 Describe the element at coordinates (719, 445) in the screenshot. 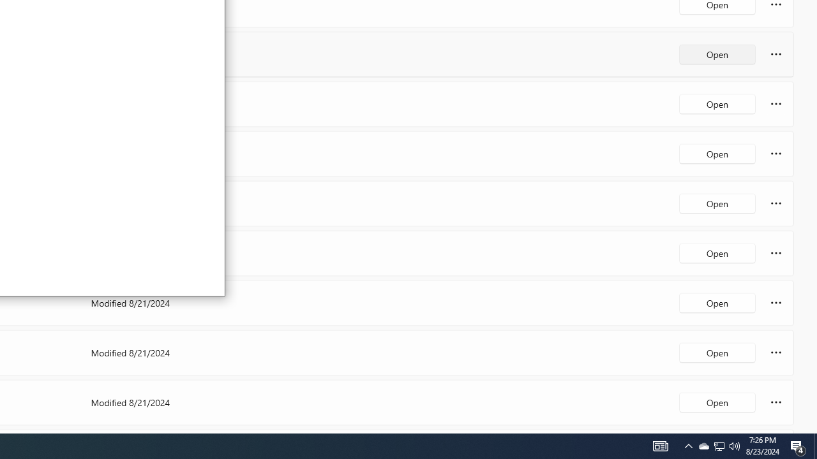

I see `'User Promoted Notification Area'` at that location.